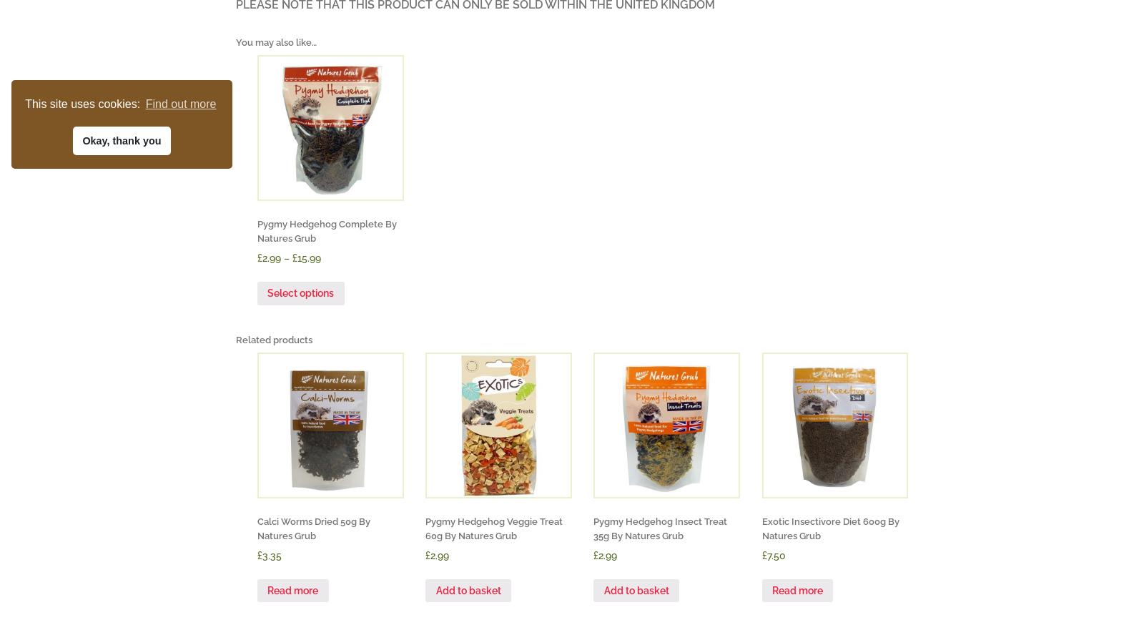 The height and width of the screenshot is (625, 1144). What do you see at coordinates (235, 338) in the screenshot?
I see `'Related products'` at bounding box center [235, 338].